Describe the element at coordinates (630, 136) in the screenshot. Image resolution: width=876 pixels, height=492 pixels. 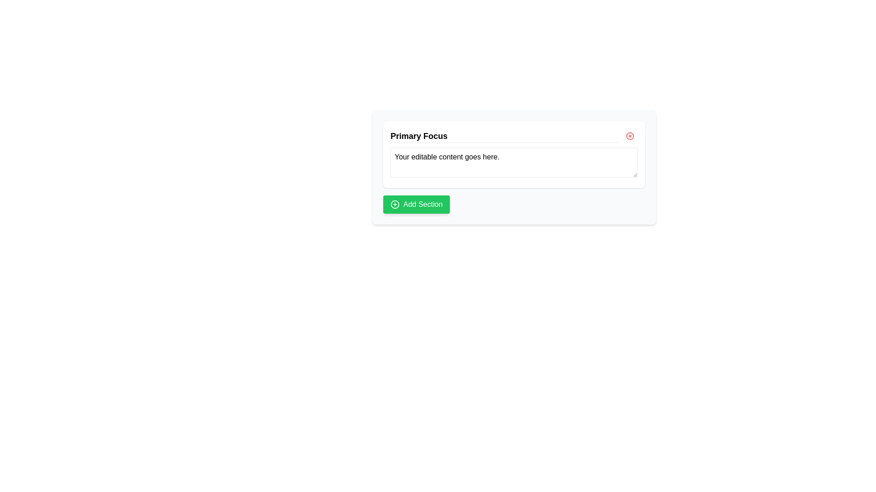
I see `the Close icon button located in the top-right corner of the 'Primary Focus' input box` at that location.